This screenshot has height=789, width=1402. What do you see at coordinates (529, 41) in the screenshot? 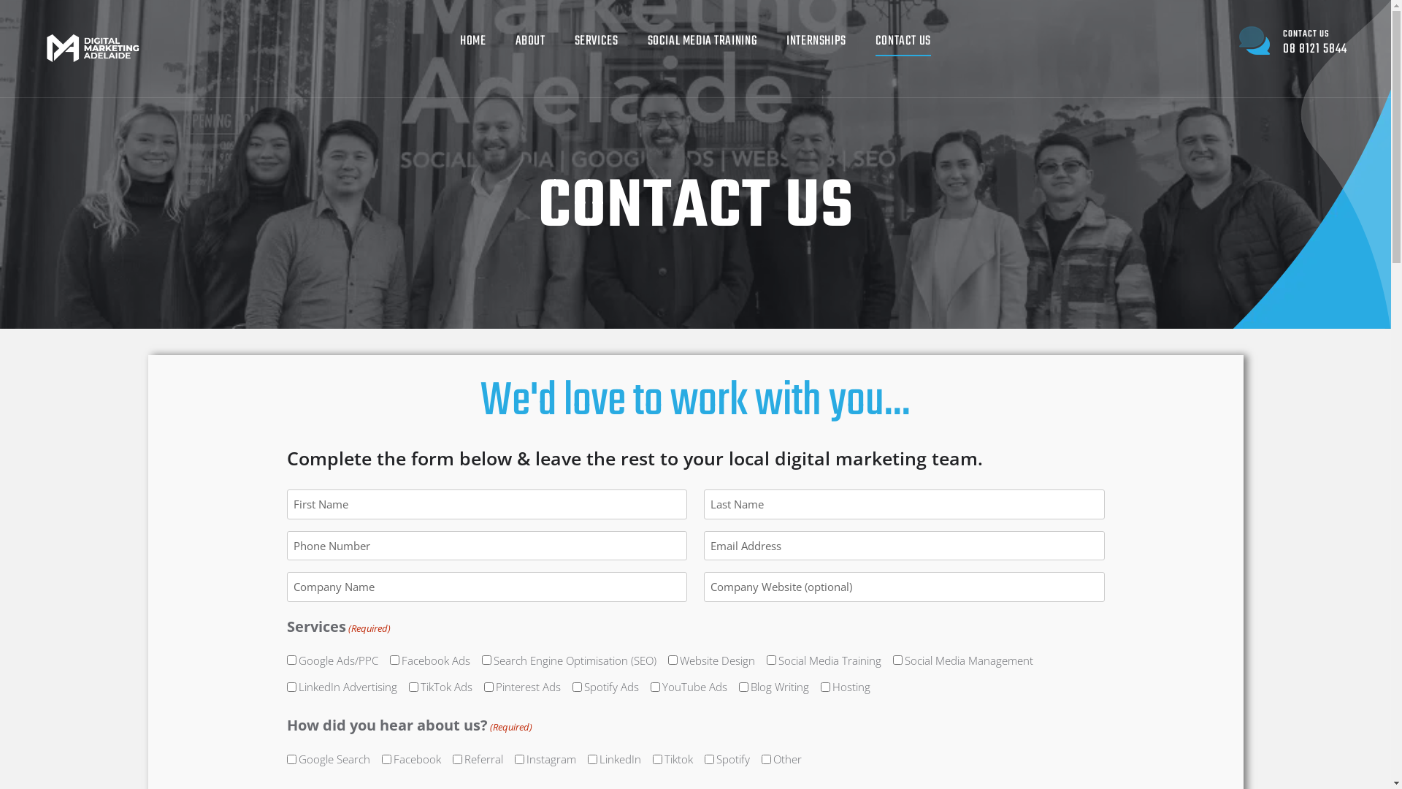
I see `'ABOUT'` at bounding box center [529, 41].